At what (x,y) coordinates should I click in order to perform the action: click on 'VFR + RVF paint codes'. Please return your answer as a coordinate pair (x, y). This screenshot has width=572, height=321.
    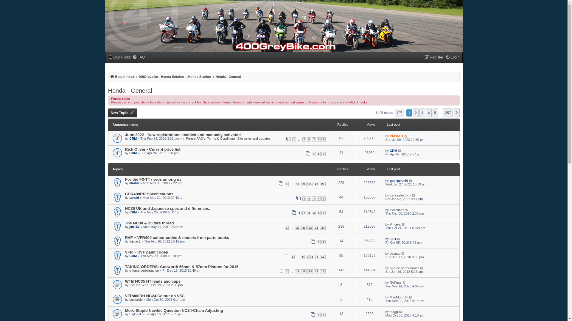
    Looking at the image, I should click on (146, 252).